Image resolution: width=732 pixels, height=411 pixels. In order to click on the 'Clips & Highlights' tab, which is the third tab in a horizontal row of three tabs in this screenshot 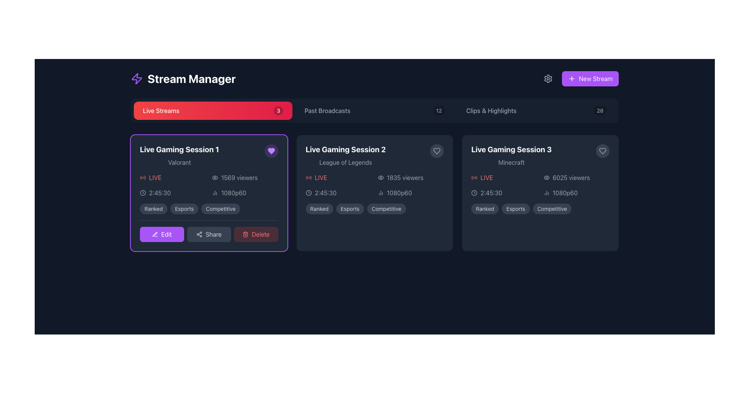, I will do `click(536, 110)`.